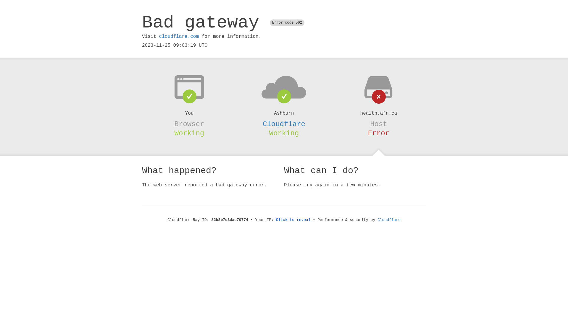  Describe the element at coordinates (178, 36) in the screenshot. I see `'cloudflare.com'` at that location.